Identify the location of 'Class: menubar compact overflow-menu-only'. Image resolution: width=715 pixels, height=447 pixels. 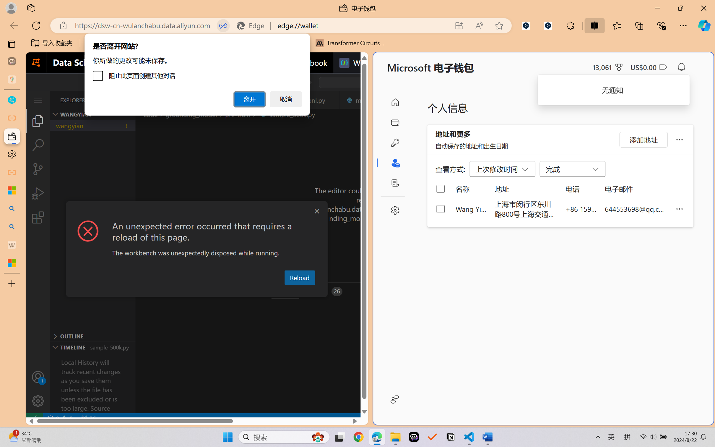
(38, 100).